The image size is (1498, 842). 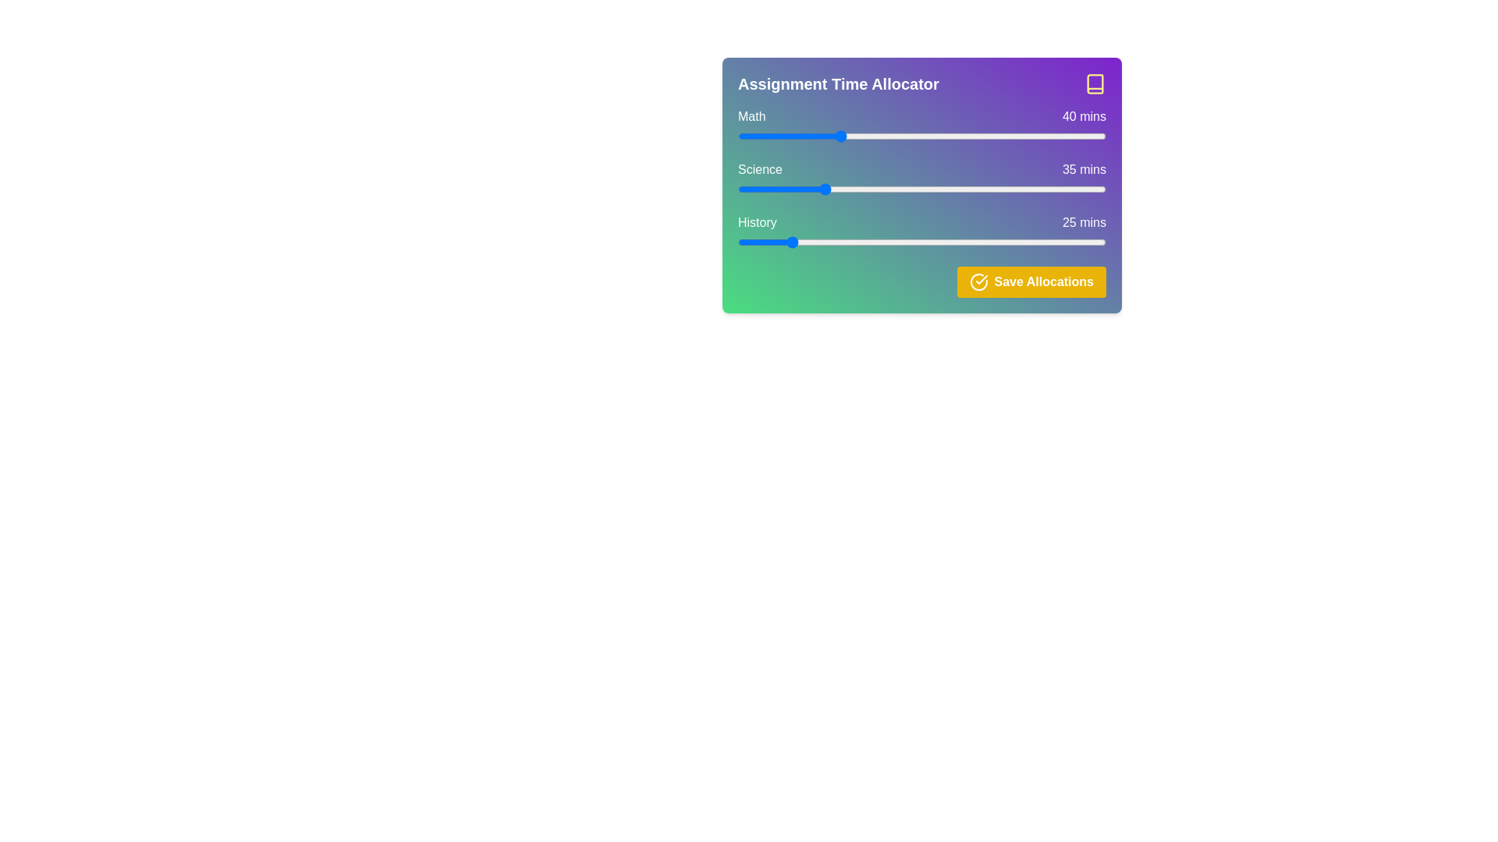 What do you see at coordinates (1083, 170) in the screenshot?
I see `the label displaying '35 mins' which is aligned to the right of the 'Science' label and slider, positioned above the 'History' row` at bounding box center [1083, 170].